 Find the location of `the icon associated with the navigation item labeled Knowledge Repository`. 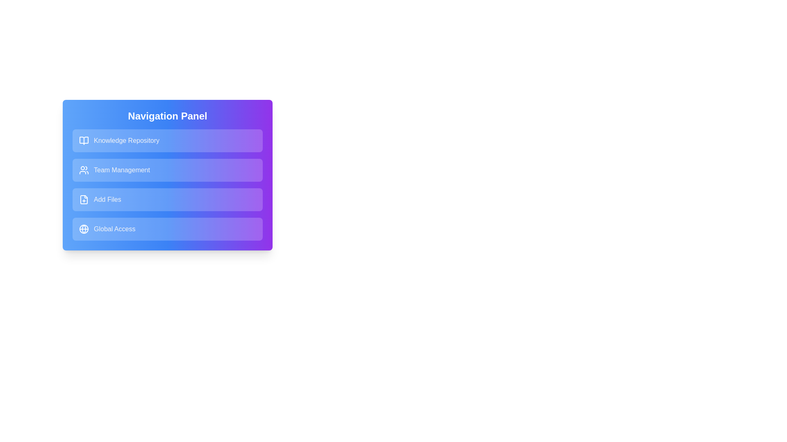

the icon associated with the navigation item labeled Knowledge Repository is located at coordinates (84, 140).